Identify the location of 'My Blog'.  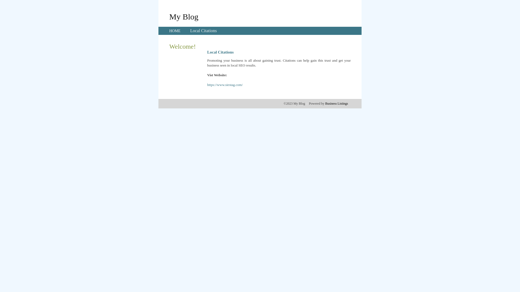
(184, 16).